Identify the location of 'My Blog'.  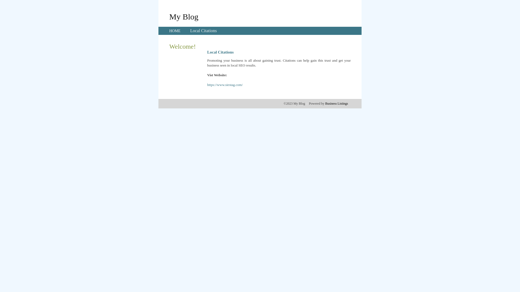
(184, 16).